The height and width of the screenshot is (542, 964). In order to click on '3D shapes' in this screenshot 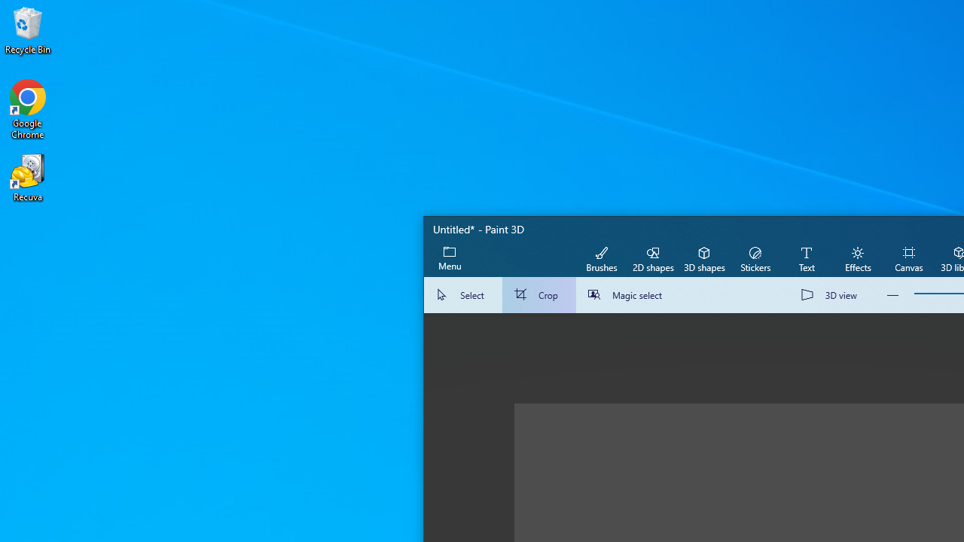, I will do `click(703, 257)`.